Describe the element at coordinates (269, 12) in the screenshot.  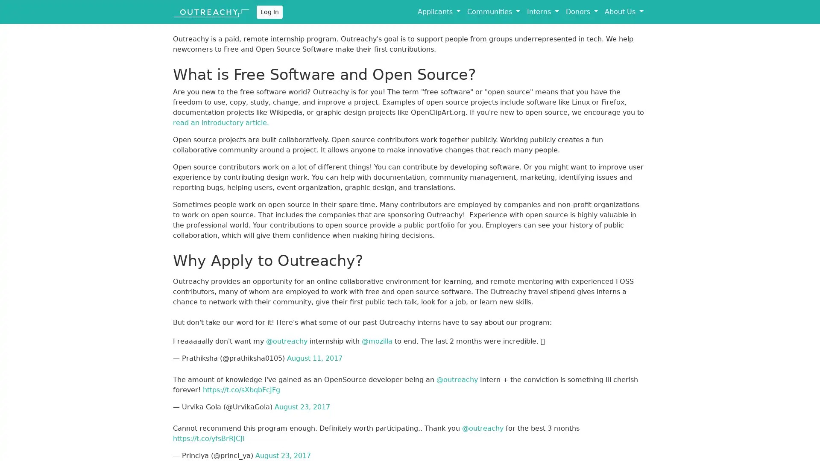
I see `Log In` at that location.